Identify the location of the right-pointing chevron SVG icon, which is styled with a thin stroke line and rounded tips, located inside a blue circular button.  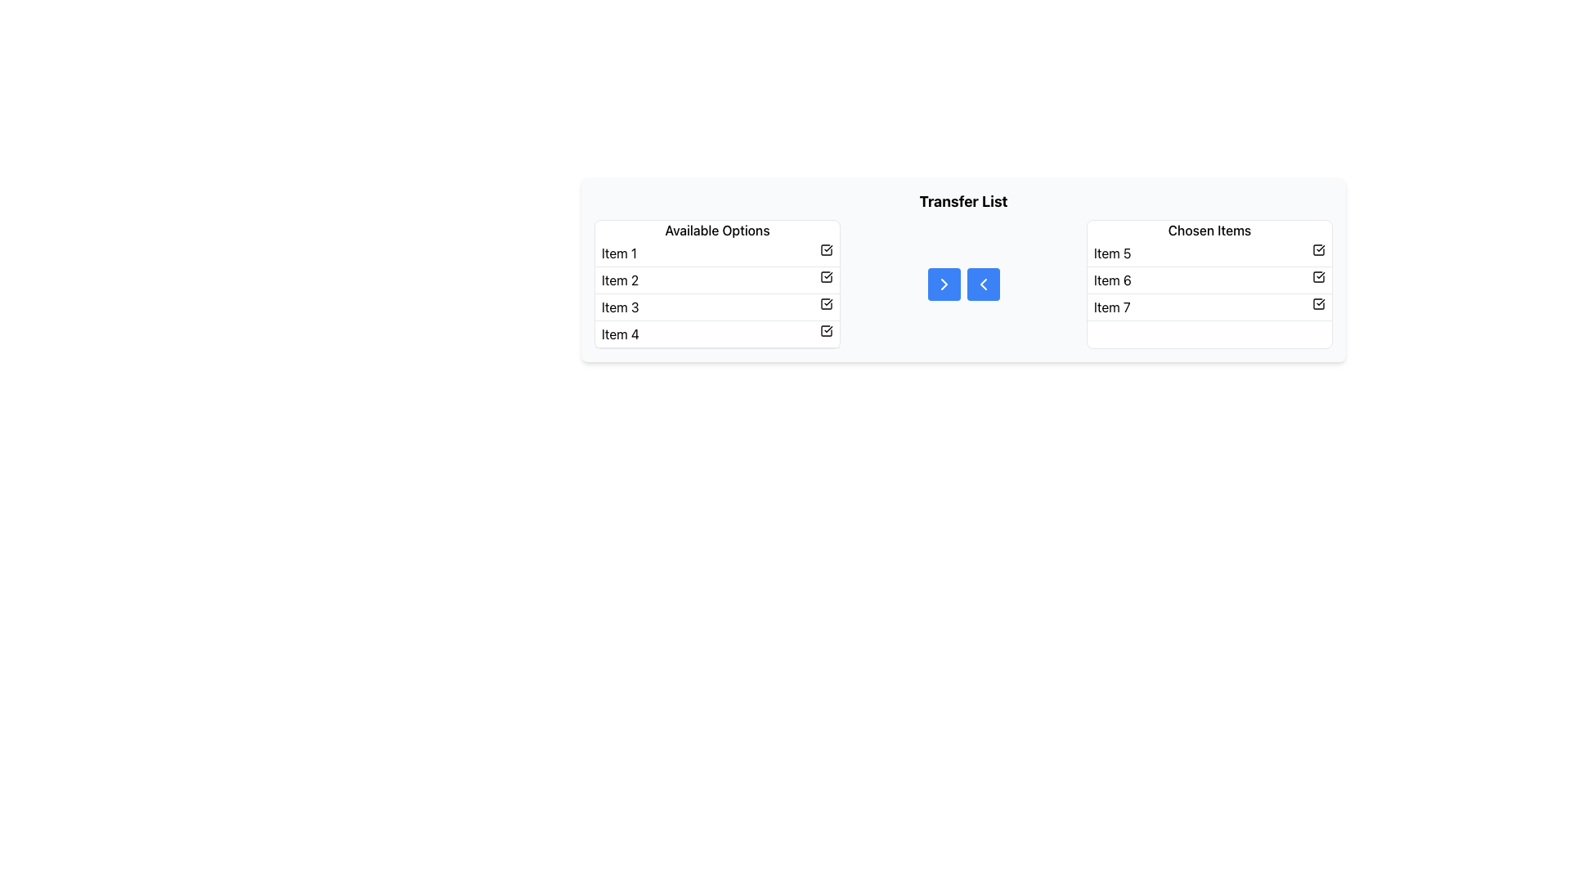
(944, 283).